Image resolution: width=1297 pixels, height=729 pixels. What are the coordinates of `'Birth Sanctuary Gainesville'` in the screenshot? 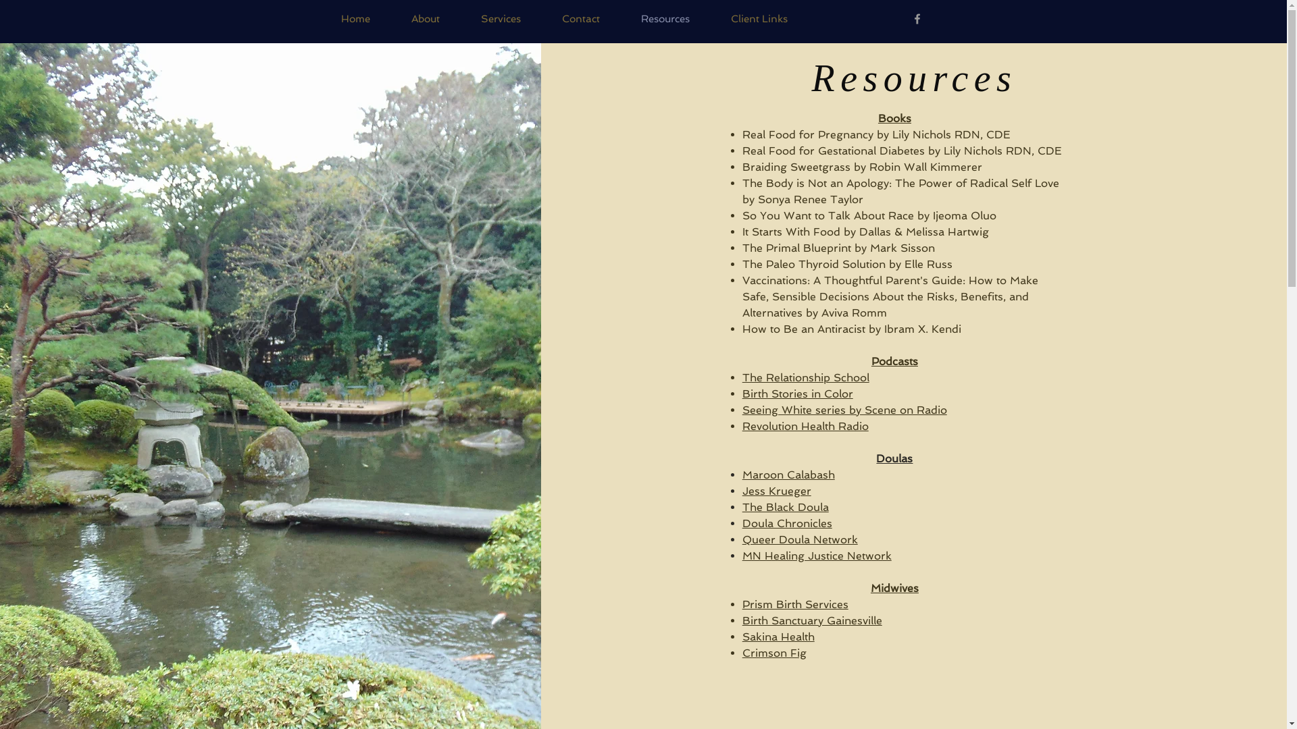 It's located at (811, 620).